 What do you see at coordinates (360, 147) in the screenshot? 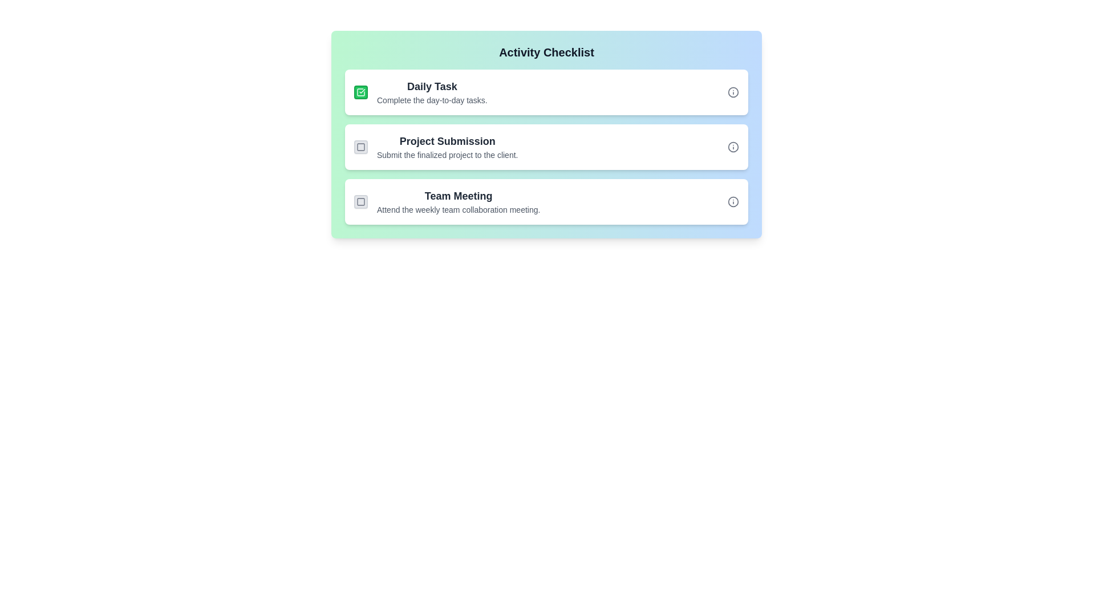
I see `the checkbox located to the left of the 'Project Submission' item in the checklist` at bounding box center [360, 147].